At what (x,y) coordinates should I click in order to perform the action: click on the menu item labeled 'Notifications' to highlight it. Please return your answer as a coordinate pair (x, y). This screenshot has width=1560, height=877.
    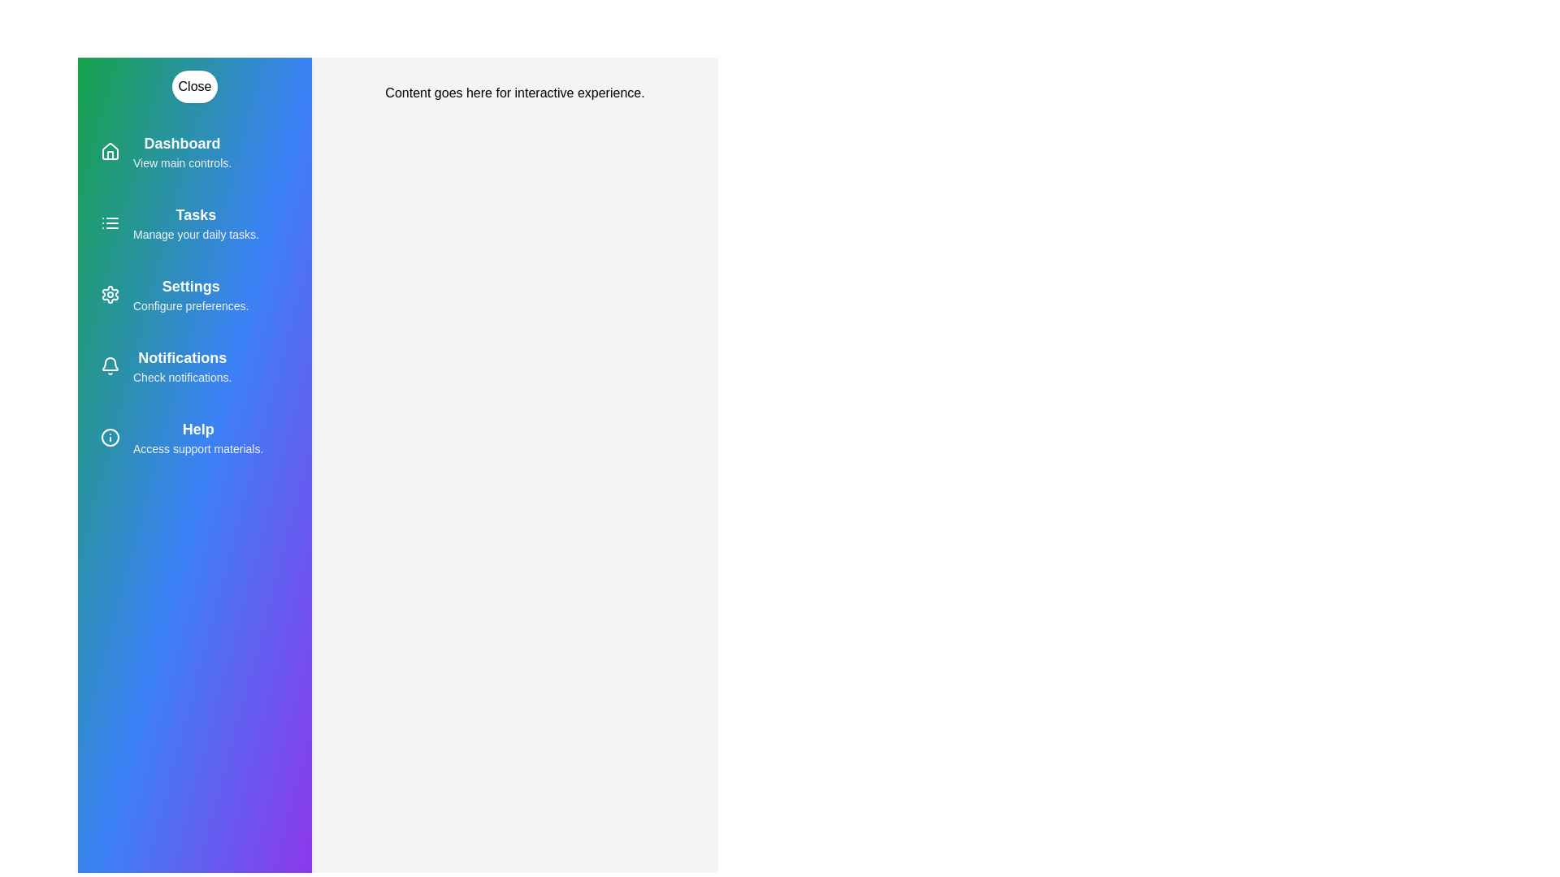
    Looking at the image, I should click on (195, 366).